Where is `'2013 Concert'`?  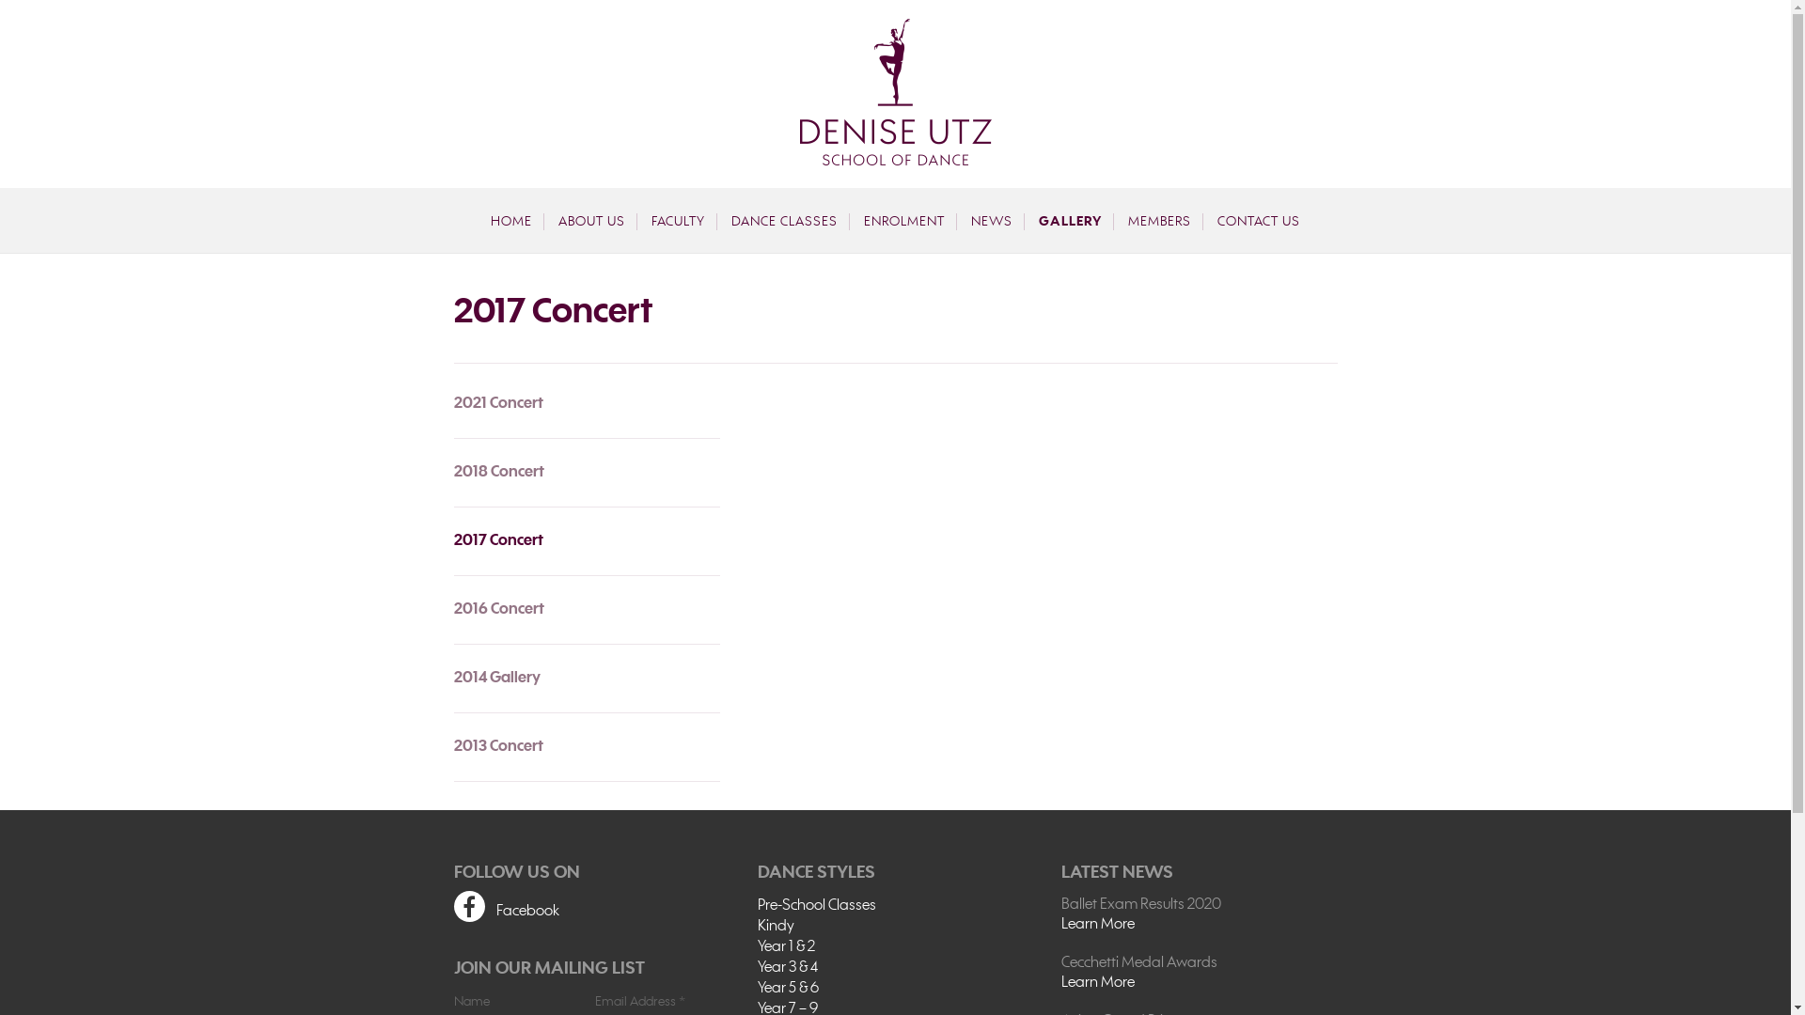 '2013 Concert' is located at coordinates (585, 745).